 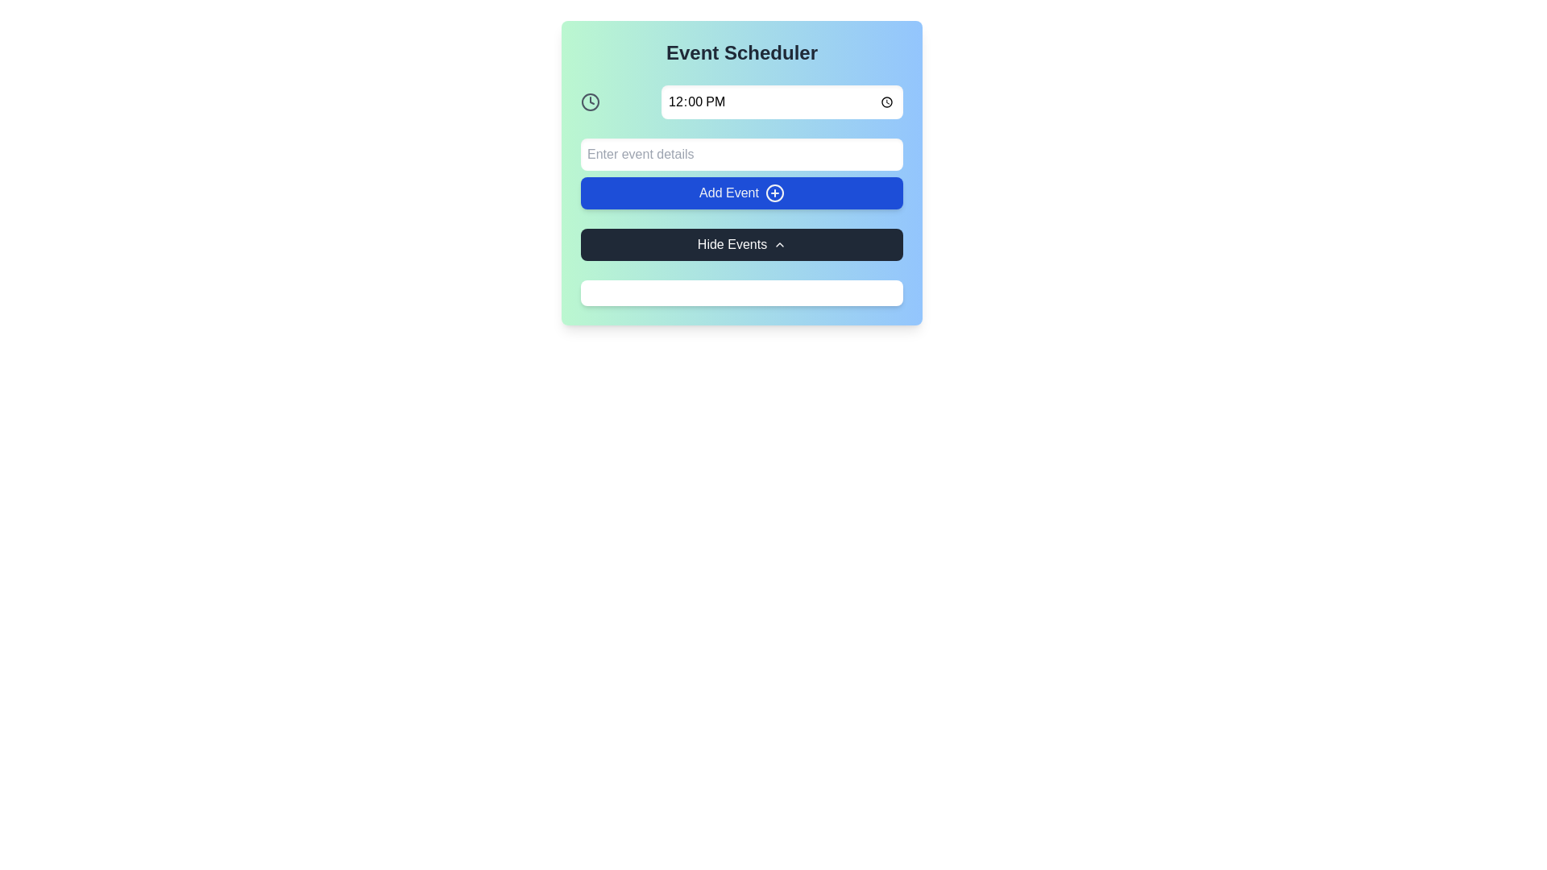 What do you see at coordinates (741, 192) in the screenshot?
I see `the 'Add Event' button` at bounding box center [741, 192].